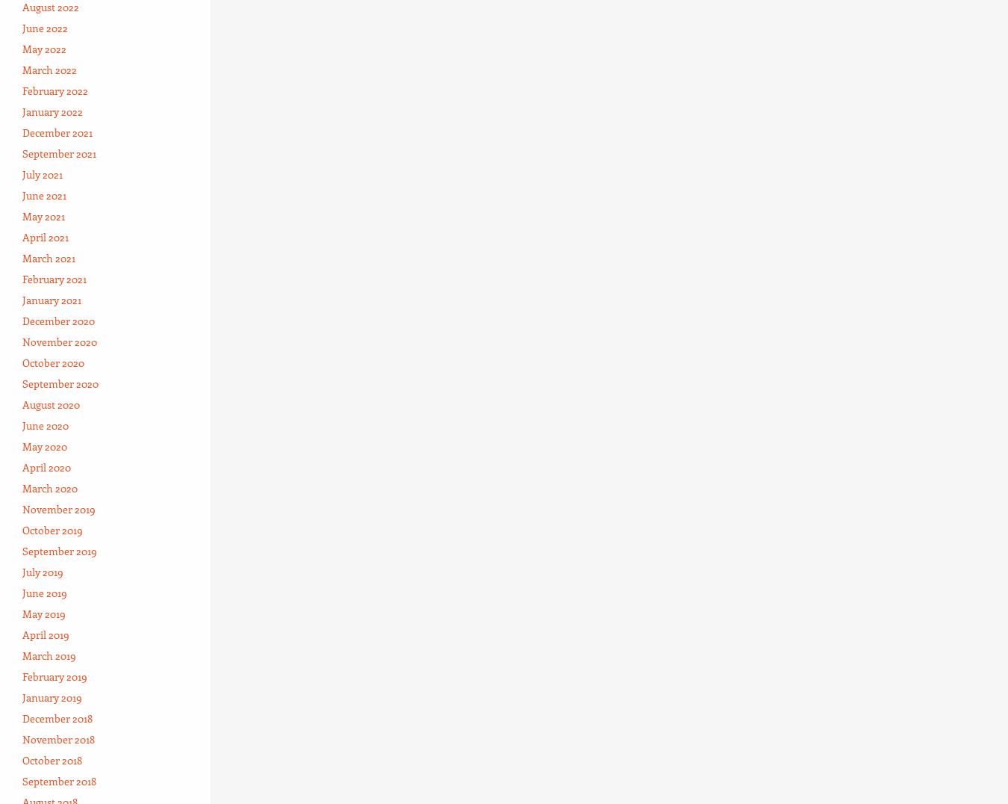 Image resolution: width=1008 pixels, height=804 pixels. I want to click on 'October 2019', so click(52, 529).